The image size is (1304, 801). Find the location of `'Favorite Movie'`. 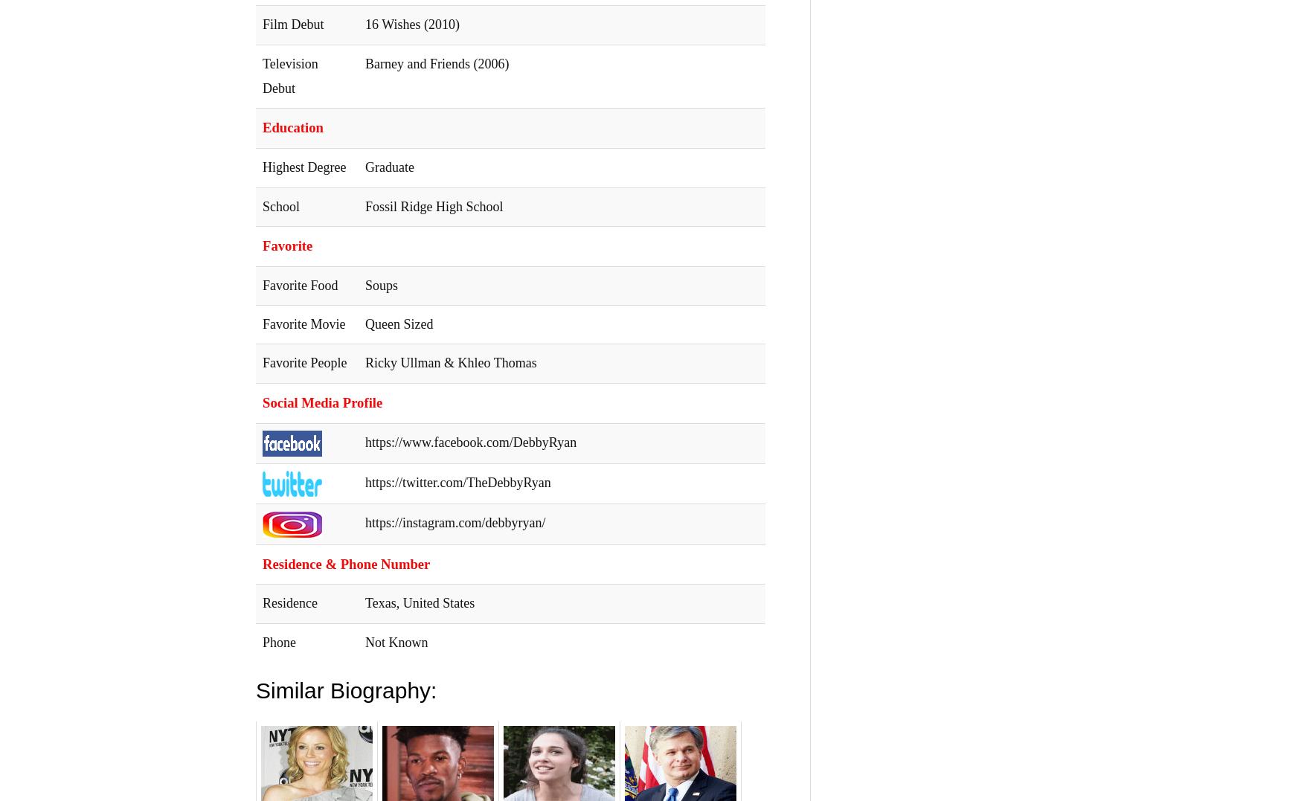

'Favorite Movie' is located at coordinates (303, 323).